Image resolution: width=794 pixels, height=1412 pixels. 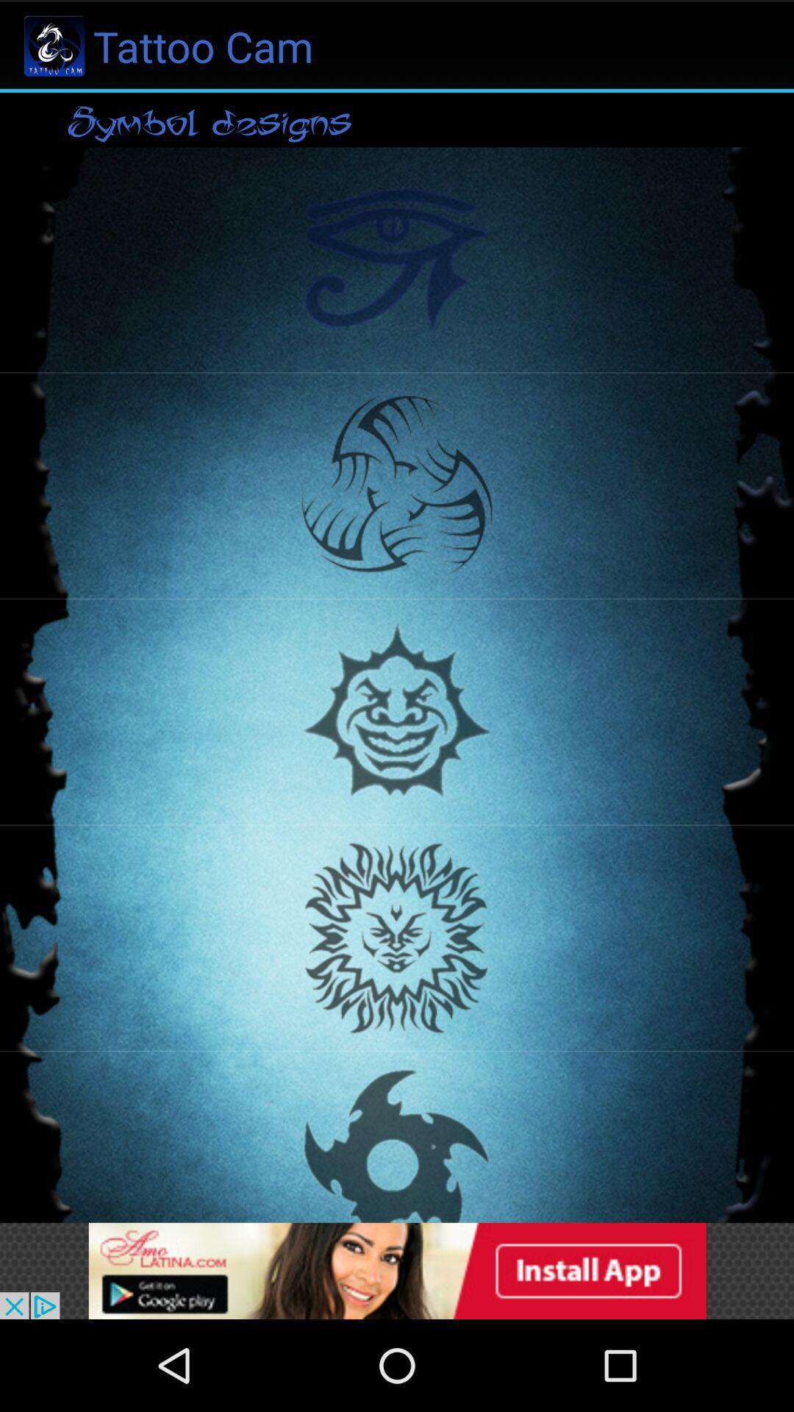 What do you see at coordinates (397, 1270) in the screenshot?
I see `tattoo cam` at bounding box center [397, 1270].